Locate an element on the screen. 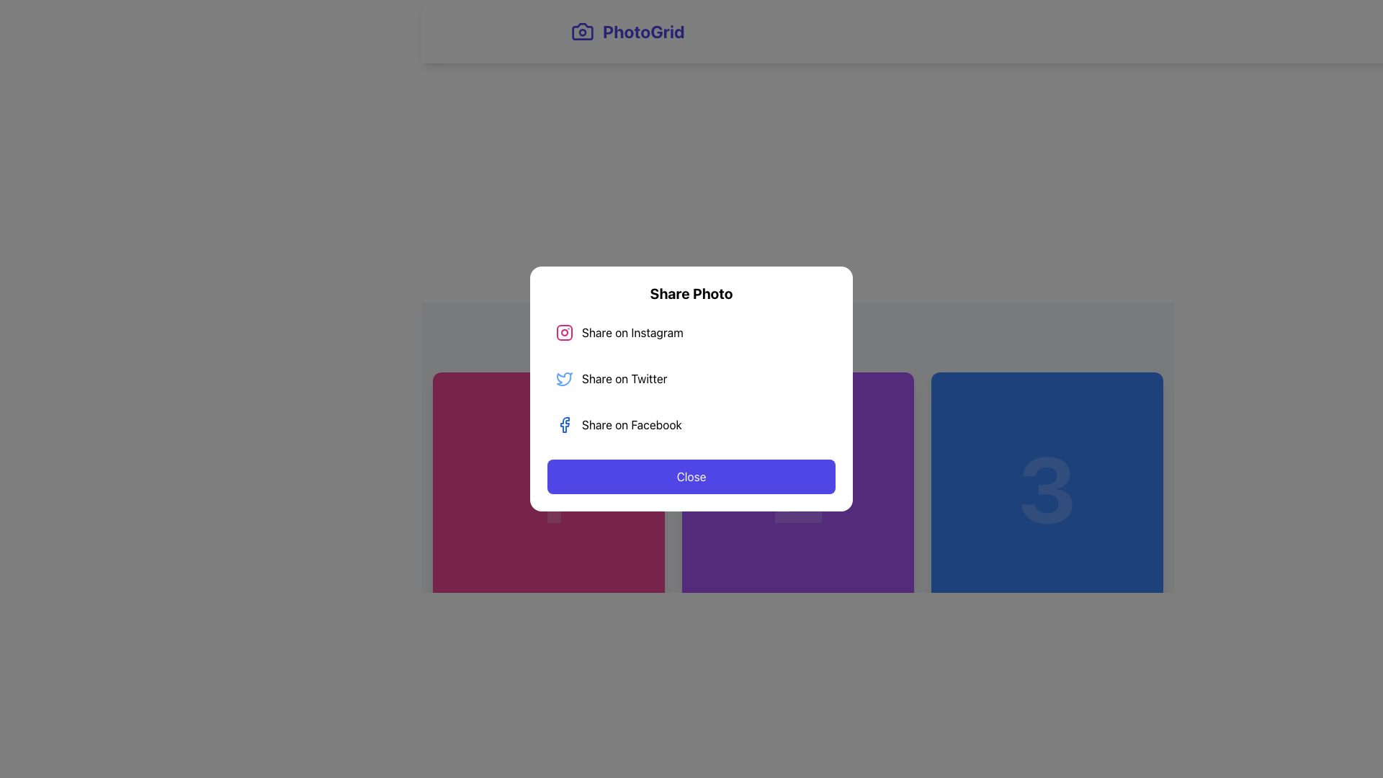 This screenshot has width=1383, height=778. text label that identifies the Twitter sharing option, located to the right of the blue Twitter icon within the 'Share Photo' modal is located at coordinates (625, 377).